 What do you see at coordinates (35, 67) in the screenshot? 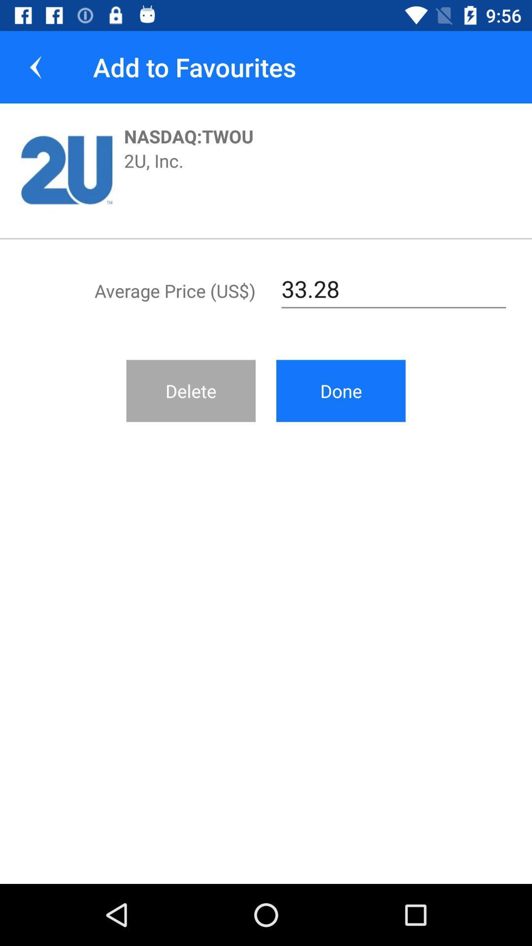
I see `the item to the left of add to favourites item` at bounding box center [35, 67].